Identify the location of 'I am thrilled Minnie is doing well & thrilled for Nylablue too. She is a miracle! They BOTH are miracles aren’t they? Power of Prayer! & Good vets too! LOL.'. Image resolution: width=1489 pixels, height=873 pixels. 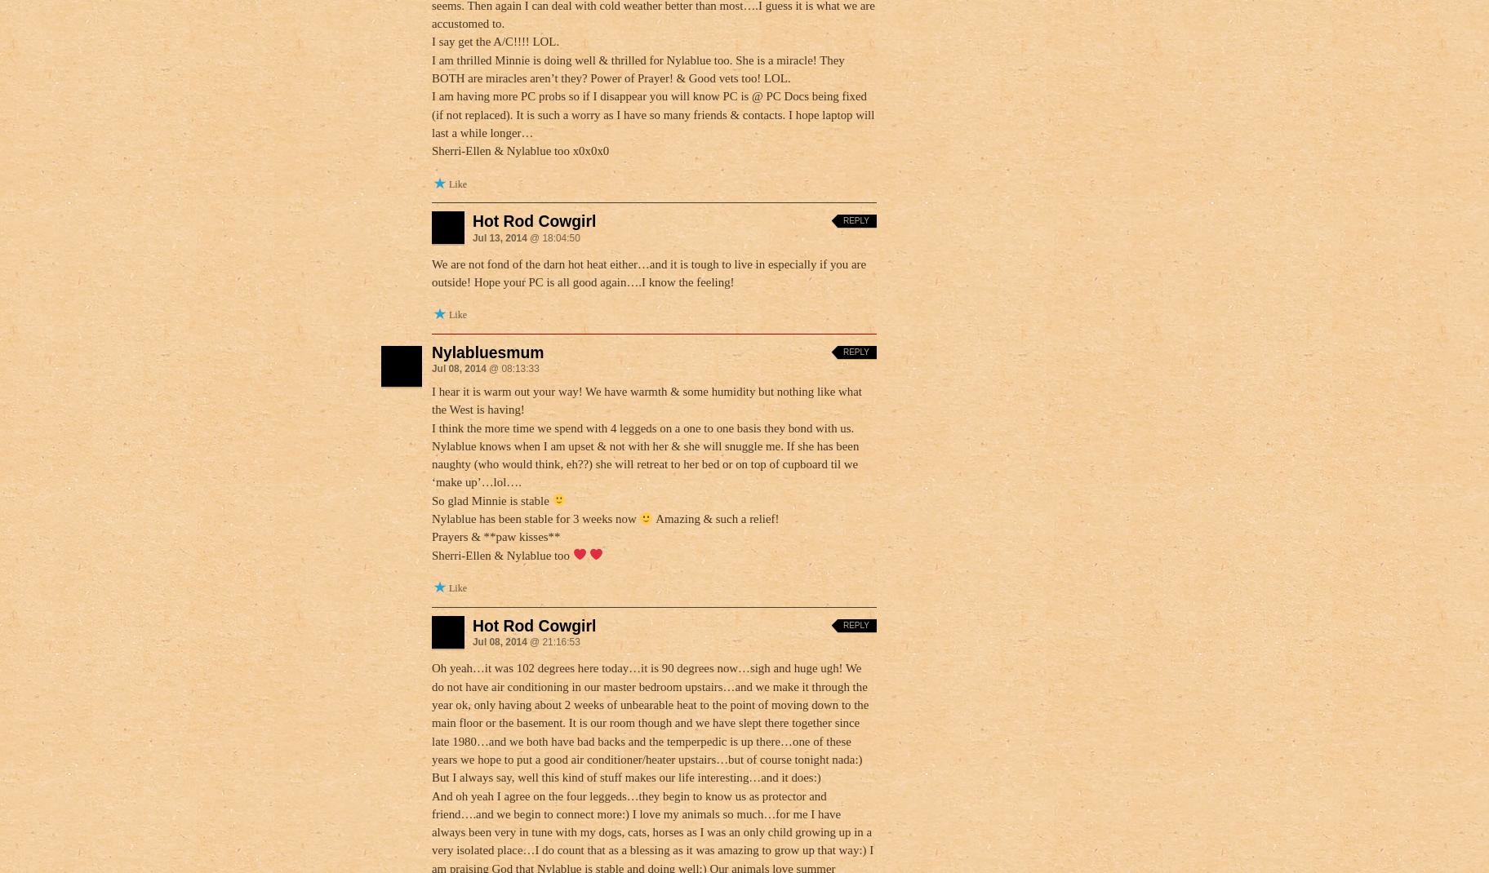
(638, 68).